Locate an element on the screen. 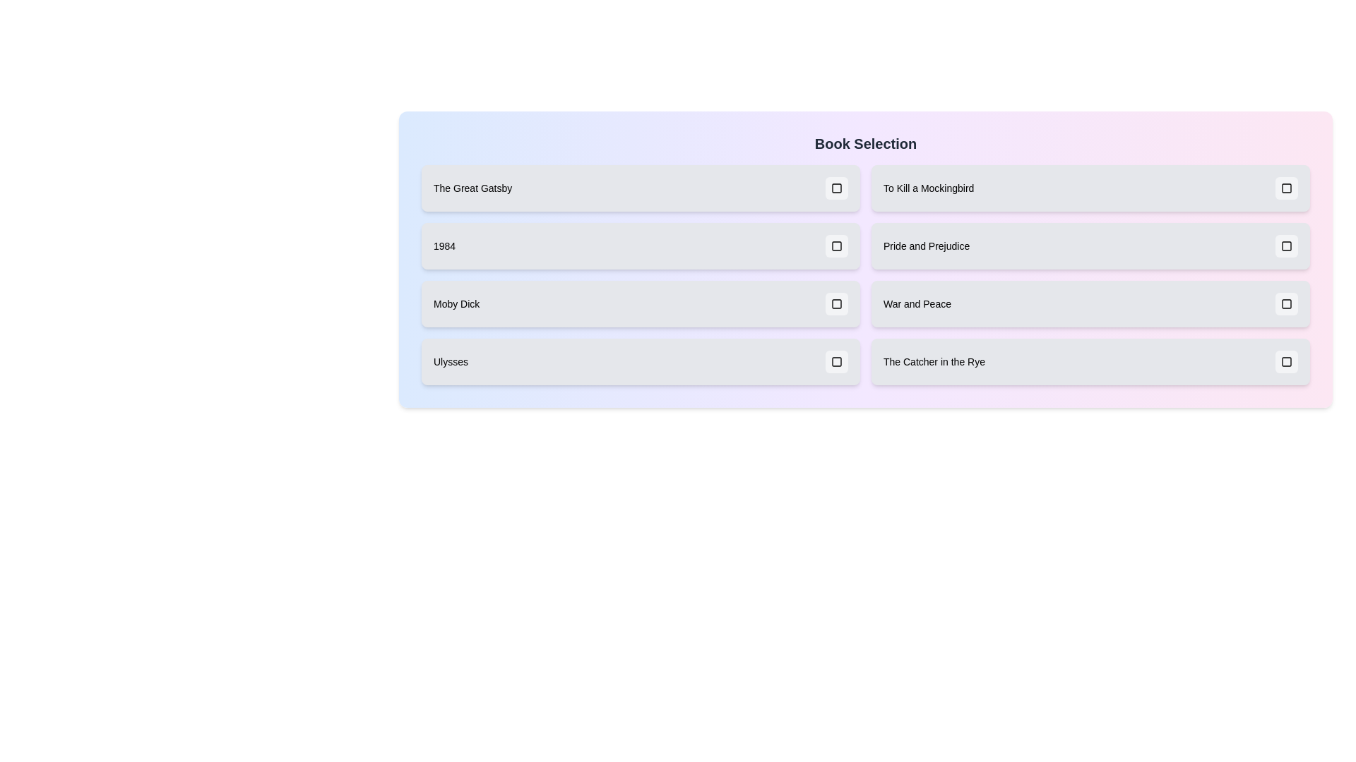 This screenshot has width=1356, height=762. the book item labeled 'Pride and Prejudice' to observe its visual transition is located at coordinates (1090, 245).